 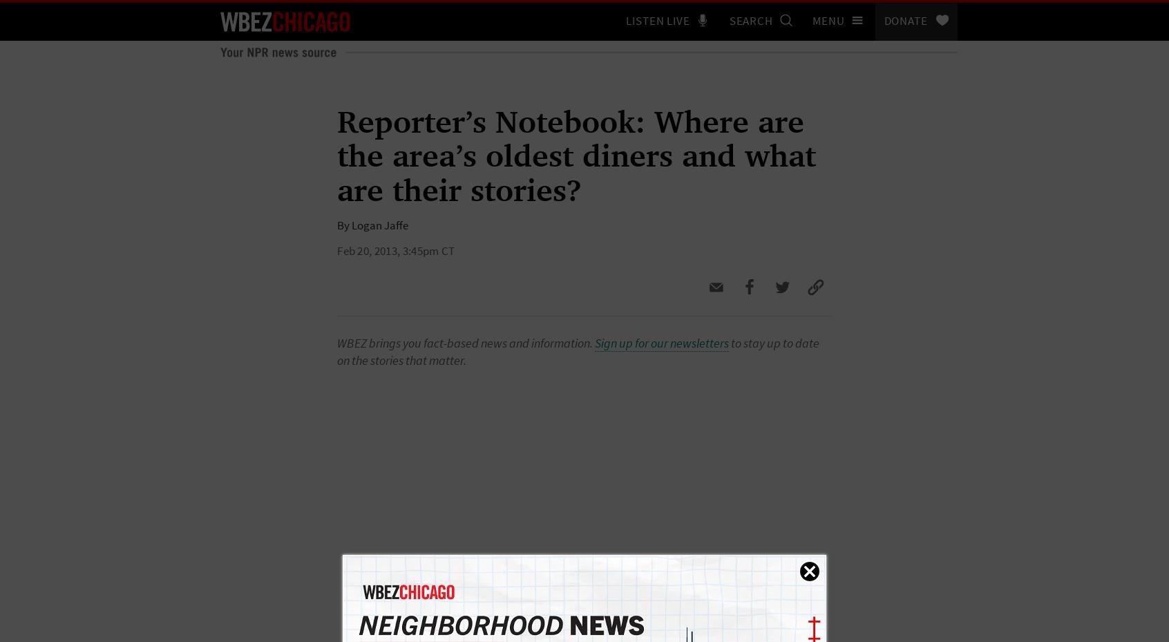 I want to click on 'Listen Live', so click(x=625, y=20).